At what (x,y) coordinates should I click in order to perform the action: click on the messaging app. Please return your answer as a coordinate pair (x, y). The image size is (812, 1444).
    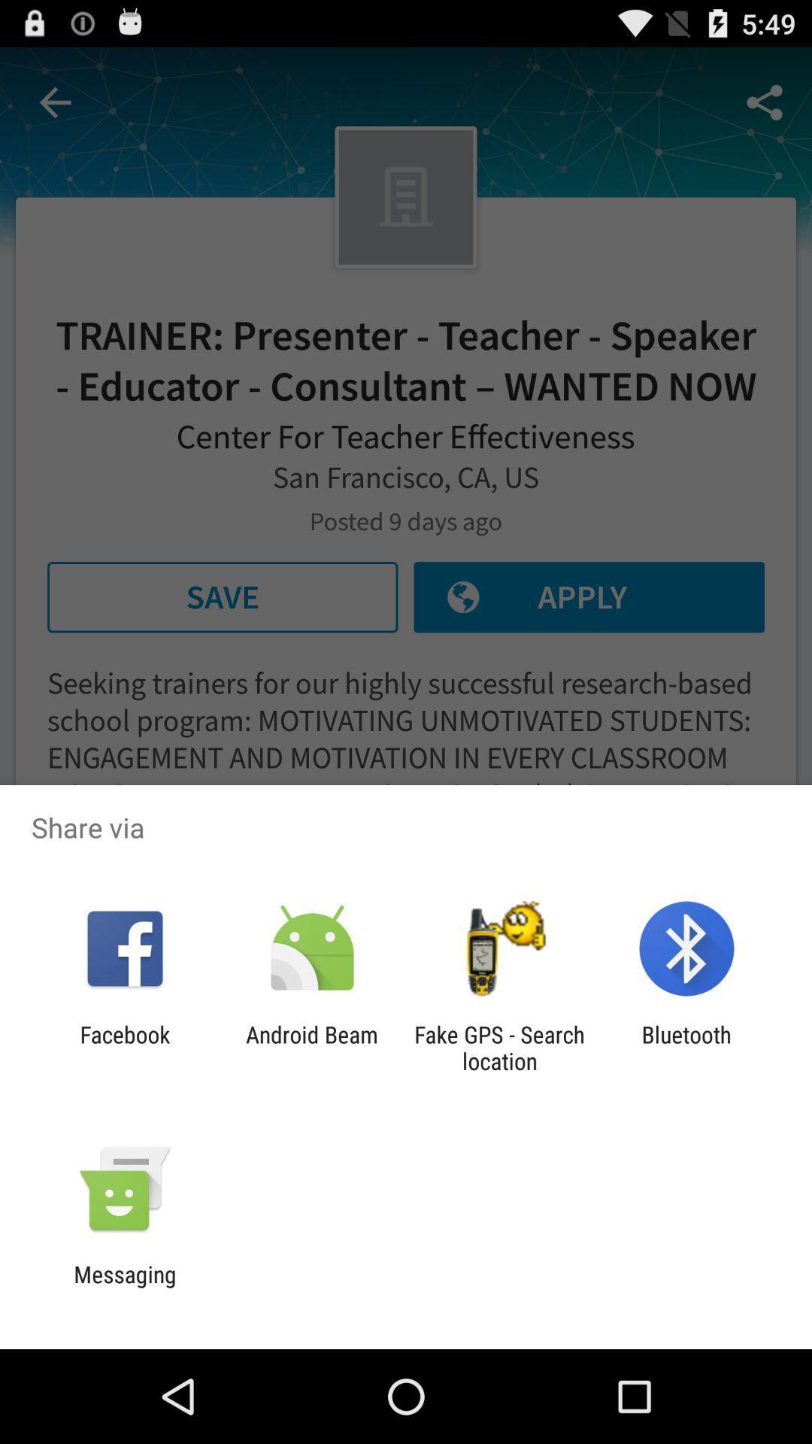
    Looking at the image, I should click on (124, 1287).